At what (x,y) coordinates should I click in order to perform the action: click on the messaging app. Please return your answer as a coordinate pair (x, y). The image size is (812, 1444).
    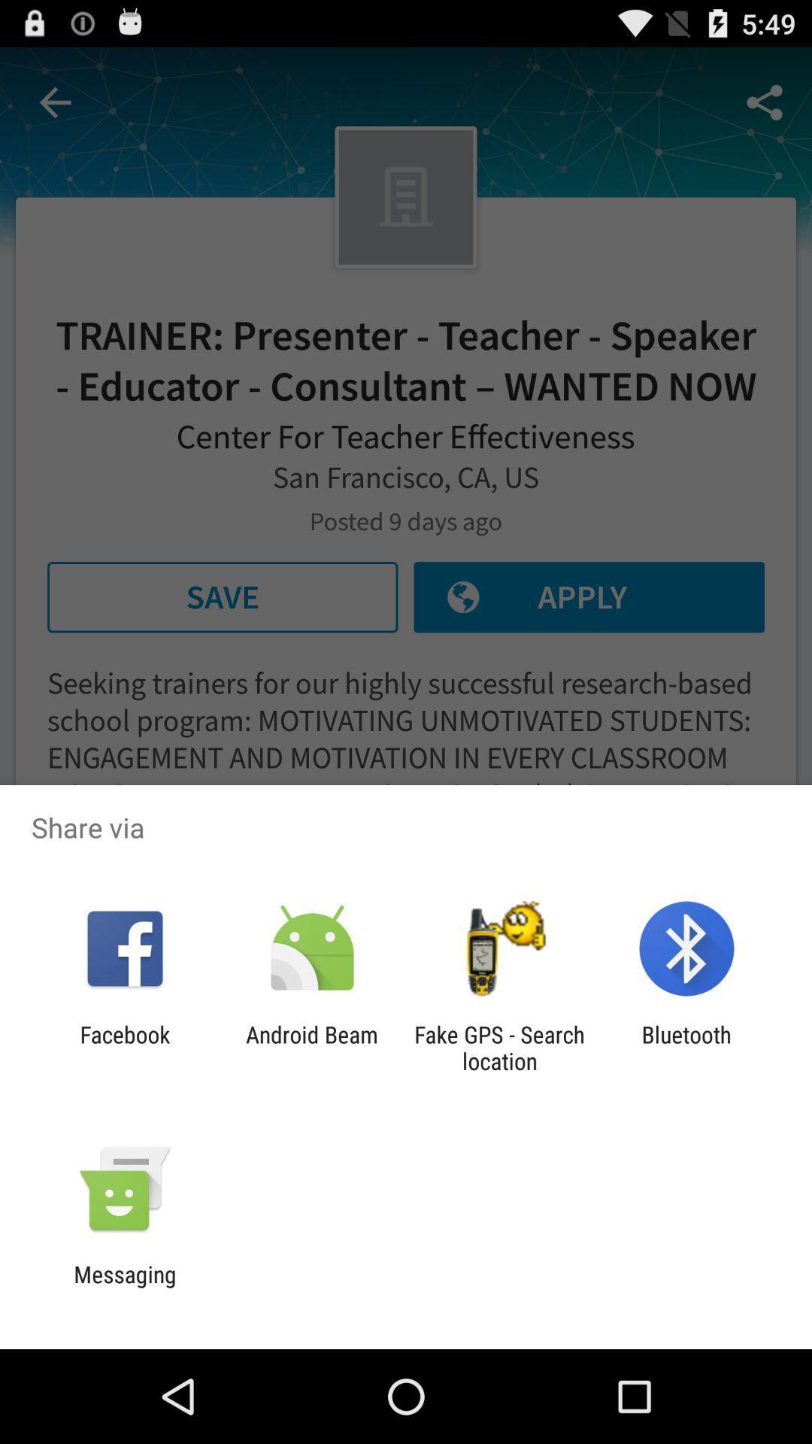
    Looking at the image, I should click on (124, 1287).